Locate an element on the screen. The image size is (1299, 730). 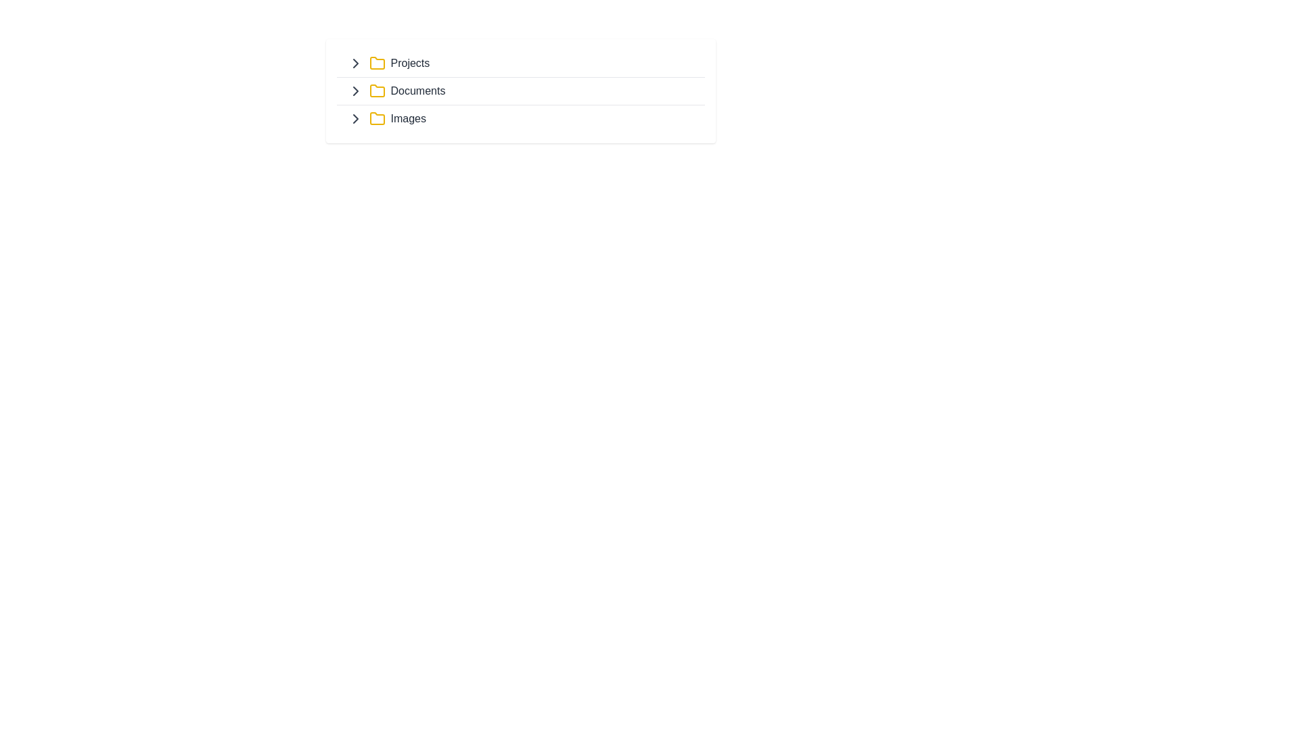
the 'Images' folder icon to interact or open the folder, which is the third item in a list of folders is located at coordinates (377, 118).